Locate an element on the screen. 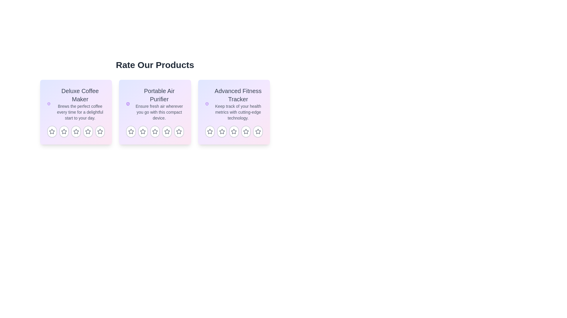 This screenshot has height=318, width=567. the textual display element that shows 'Portable Air Purifier' with a description of its features, positioned centrally between the 'Deluxe Coffee Maker' and 'Advanced Fitness Tracker' cards is located at coordinates (159, 104).